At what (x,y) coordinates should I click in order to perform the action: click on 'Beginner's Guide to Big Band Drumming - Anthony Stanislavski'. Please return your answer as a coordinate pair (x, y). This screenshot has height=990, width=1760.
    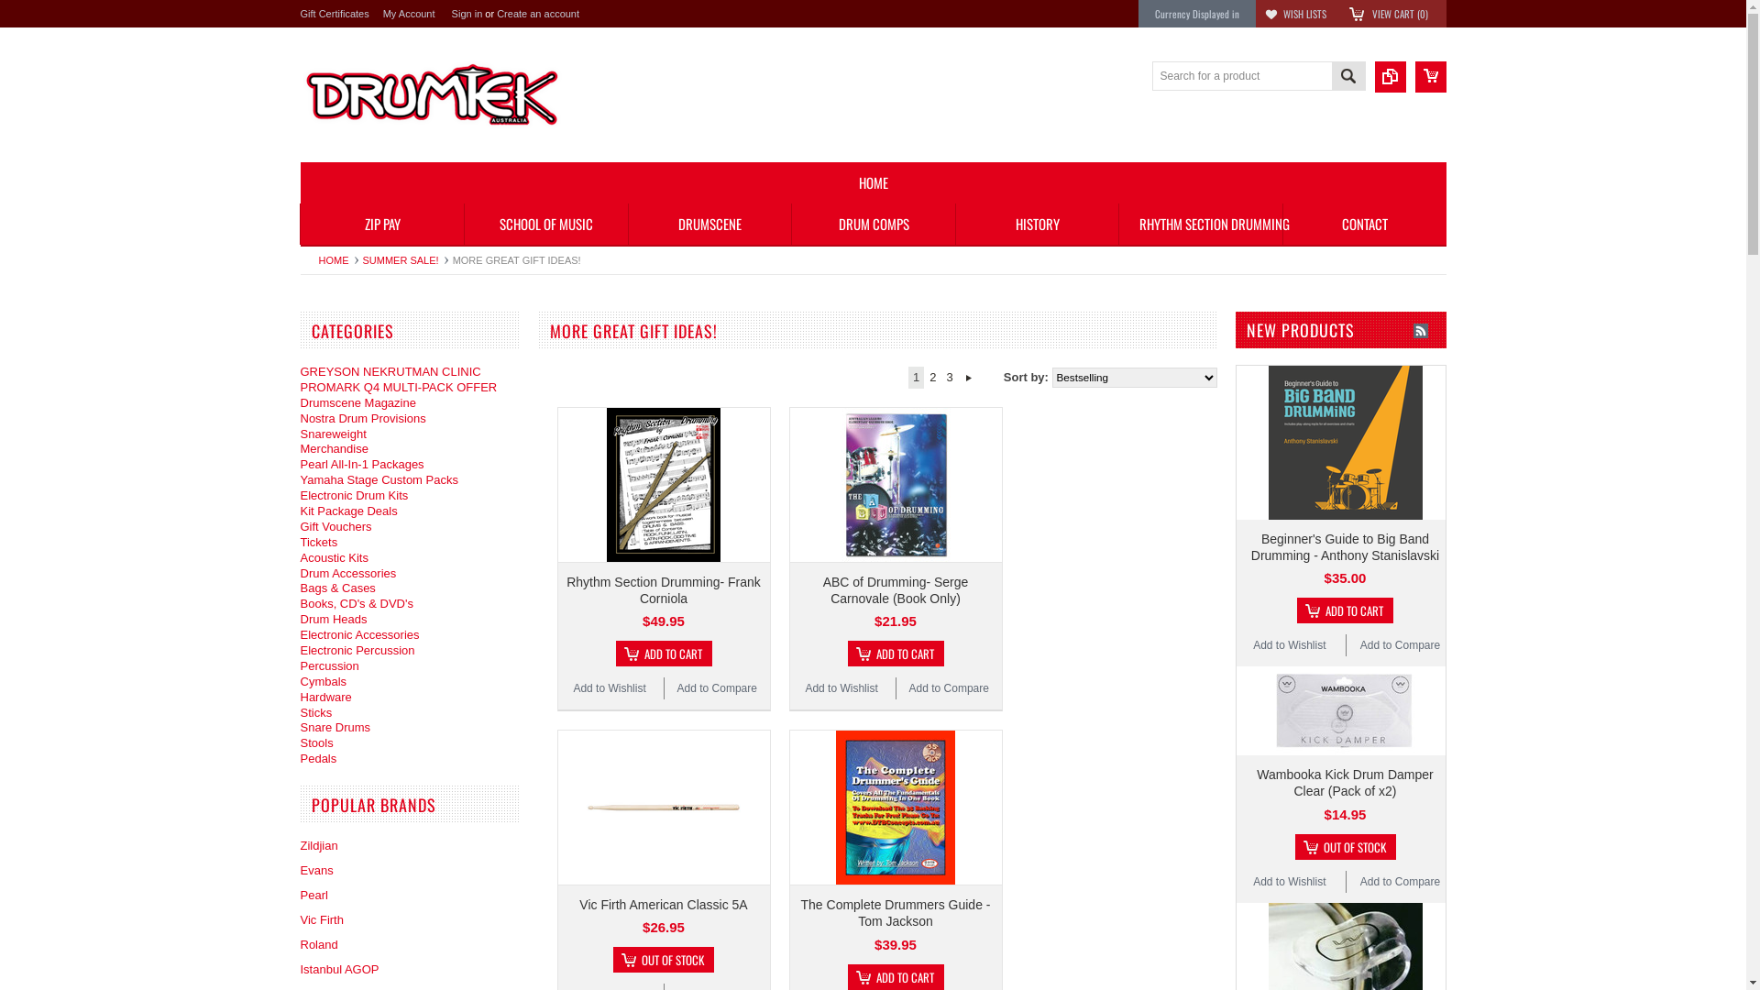
    Looking at the image, I should click on (1345, 546).